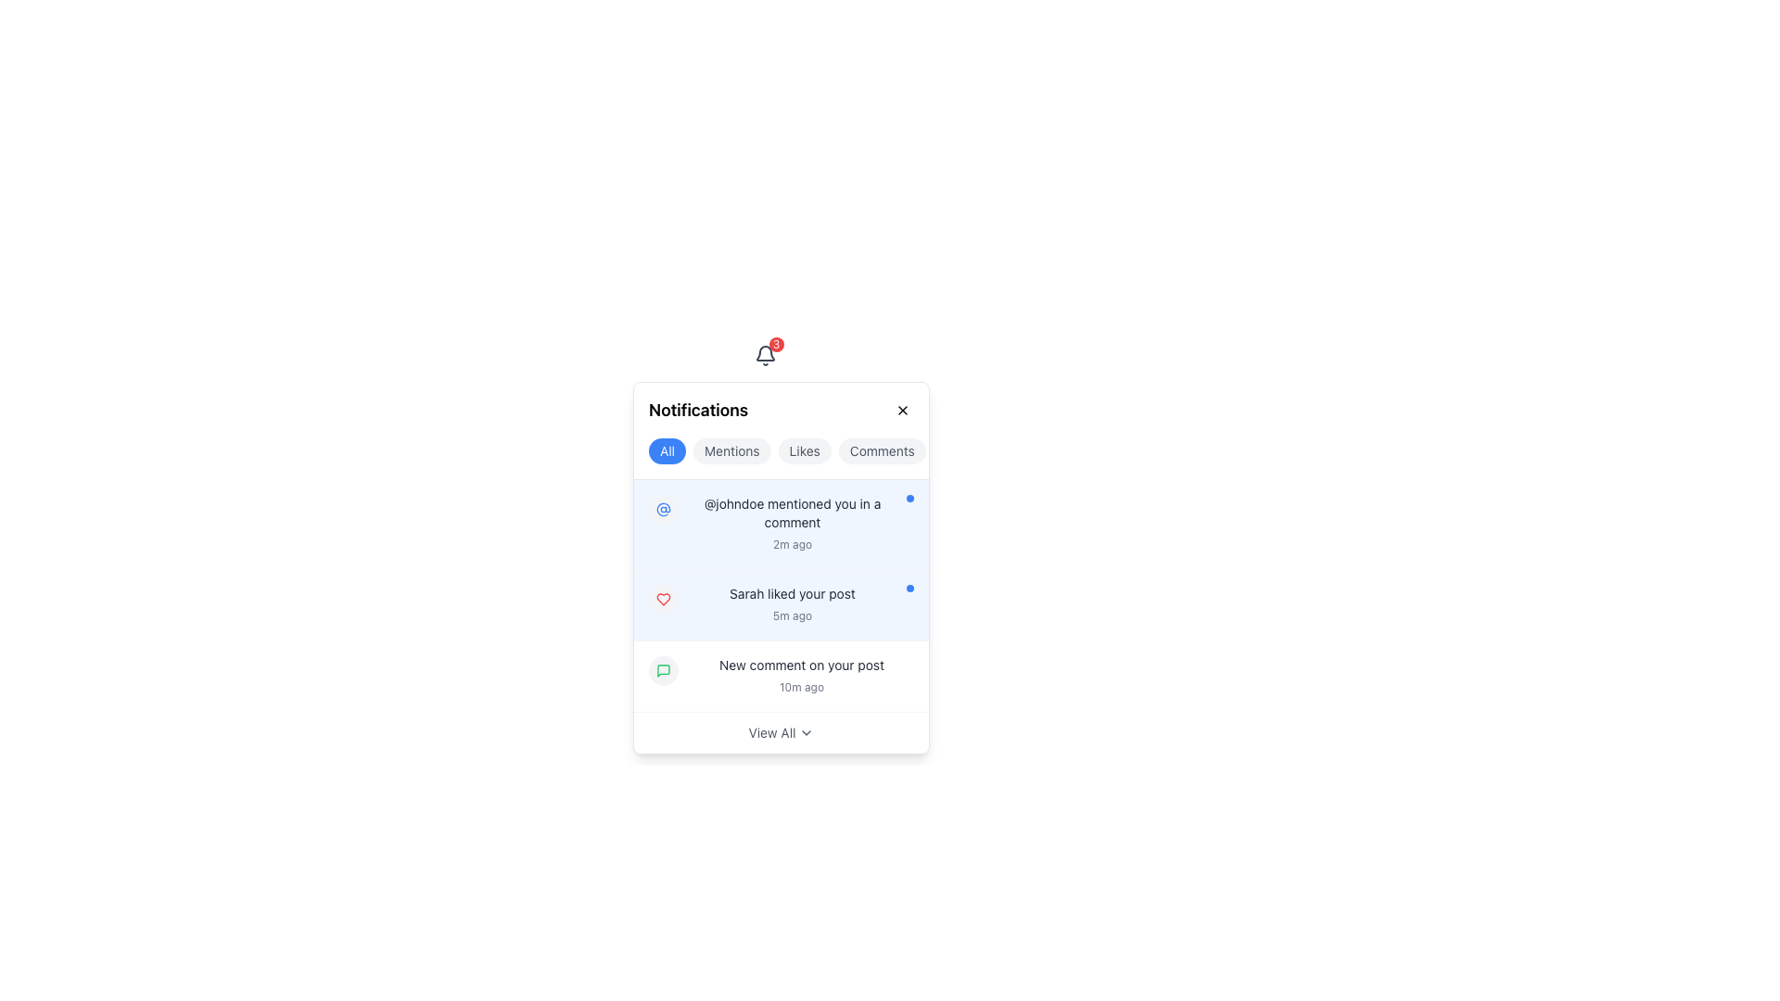  Describe the element at coordinates (782, 525) in the screenshot. I see `the first notification item that contains the text '@johndoe mentioned you in a comment'` at that location.